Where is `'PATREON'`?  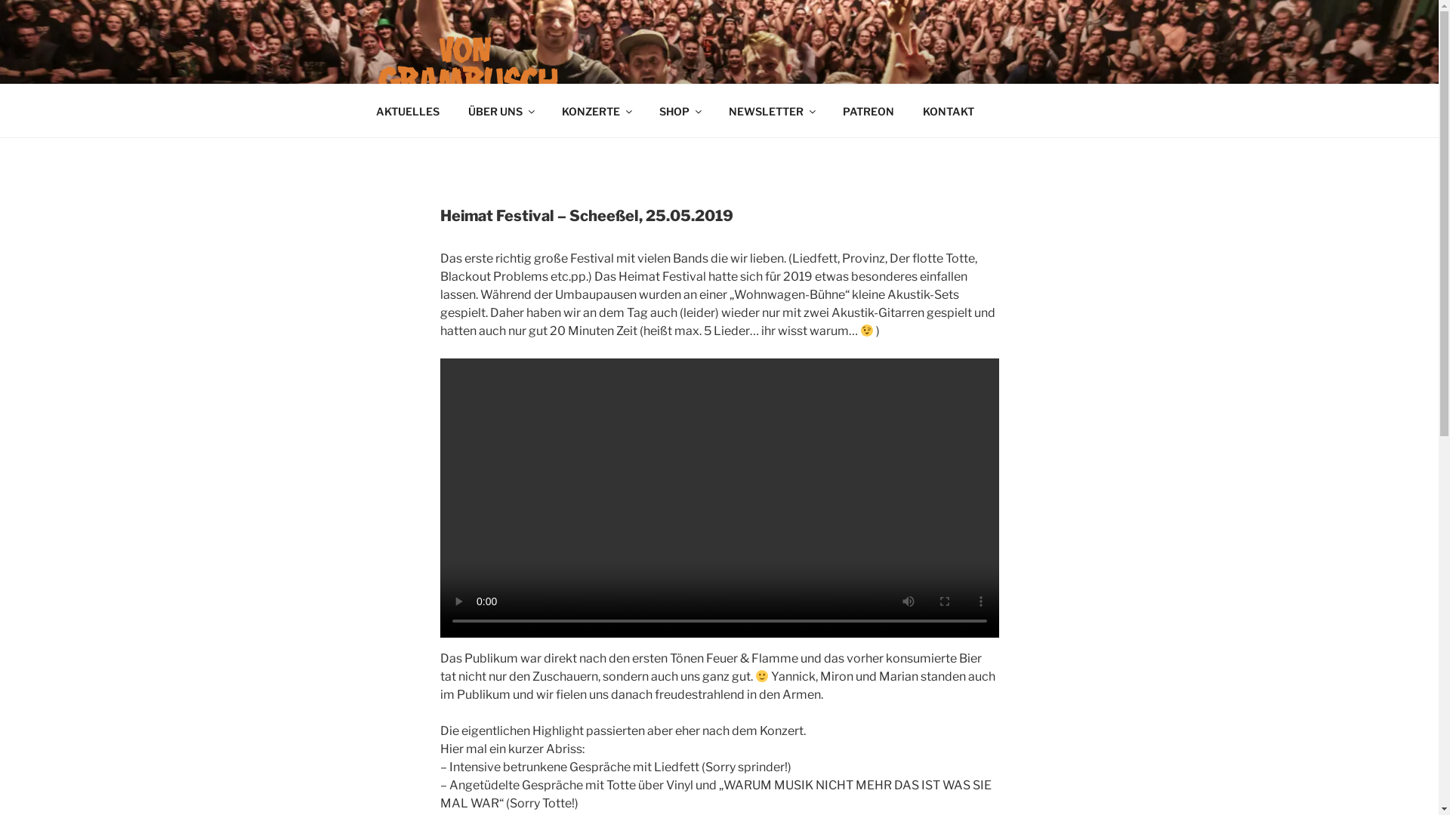
'PATREON' is located at coordinates (868, 109).